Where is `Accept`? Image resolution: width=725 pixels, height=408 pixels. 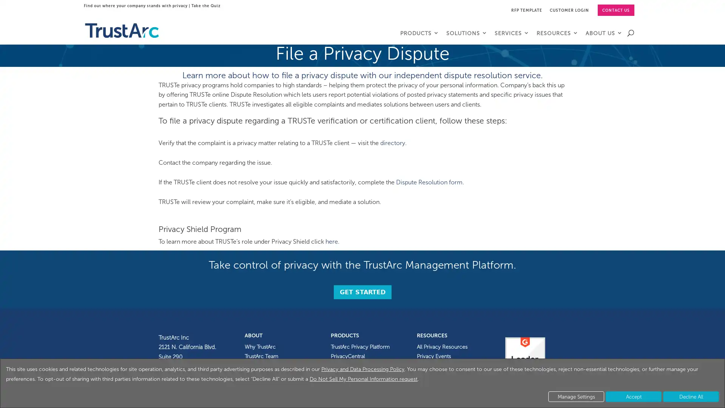 Accept is located at coordinates (634, 396).